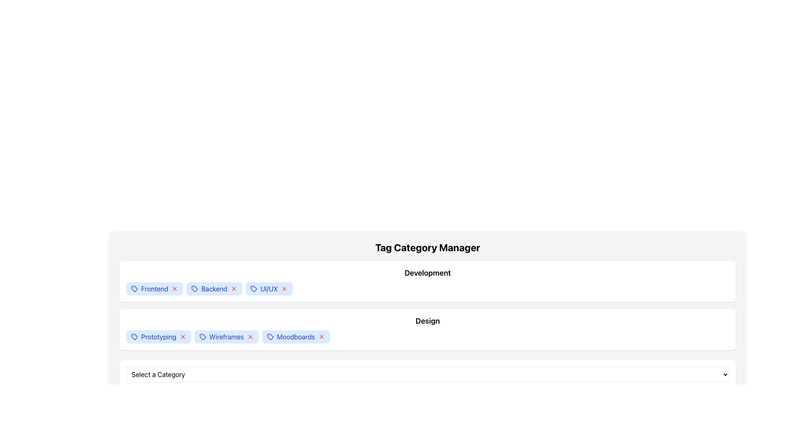 The height and width of the screenshot is (447, 795). I want to click on the delete button located to the right of the 'Prototyping' label, so click(182, 336).